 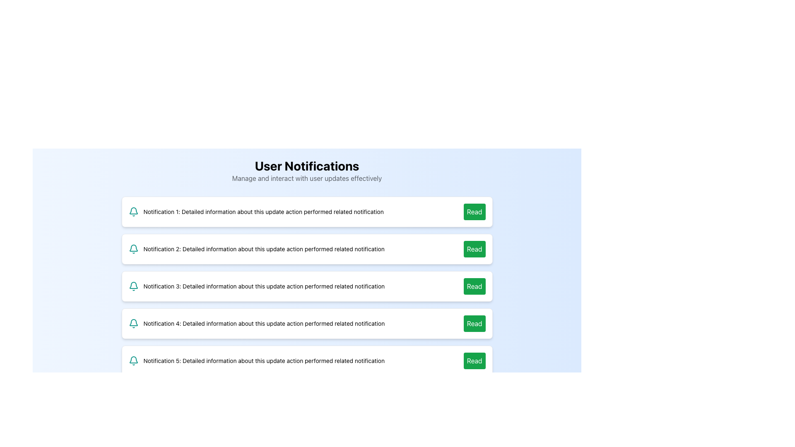 I want to click on the notification display element, which is the fifth item in a vertical list of notifications, so click(x=306, y=360).